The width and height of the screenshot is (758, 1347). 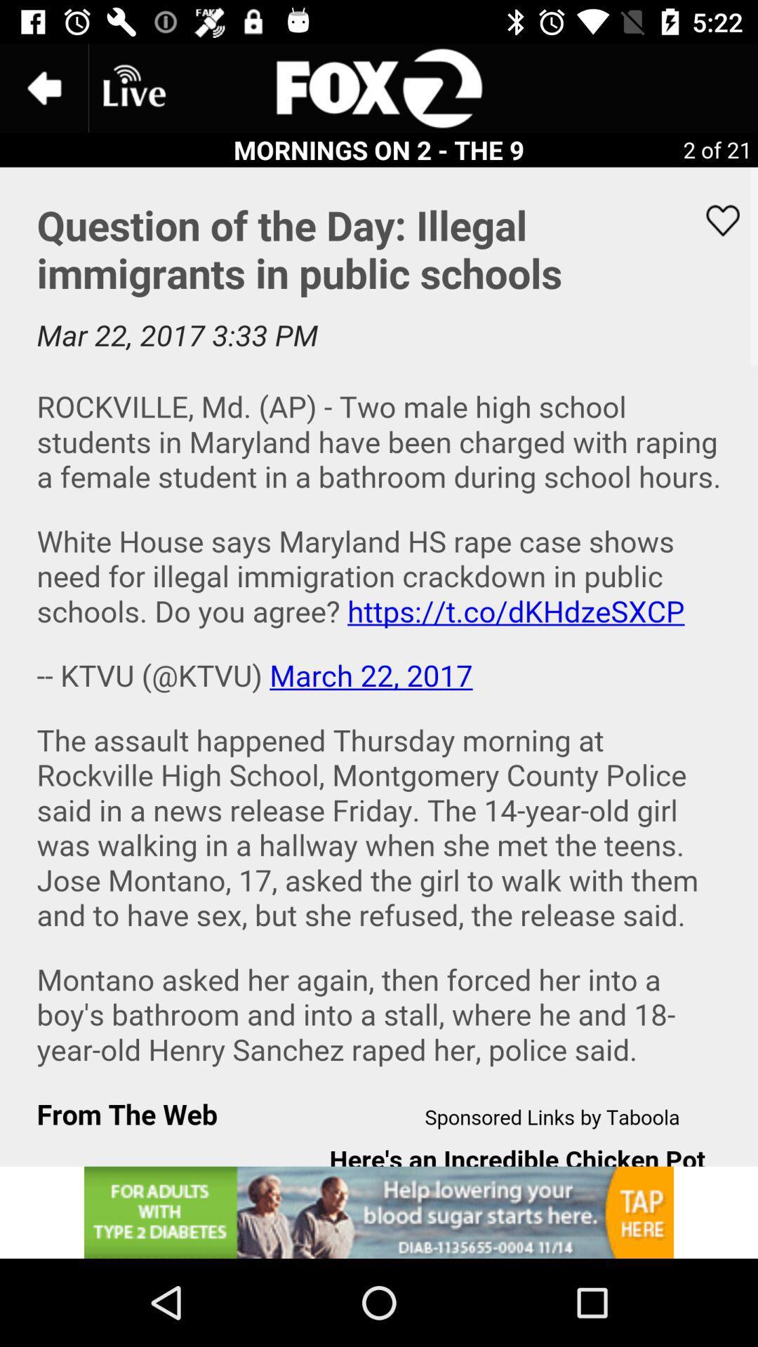 I want to click on the arrow_backward icon, so click(x=43, y=87).